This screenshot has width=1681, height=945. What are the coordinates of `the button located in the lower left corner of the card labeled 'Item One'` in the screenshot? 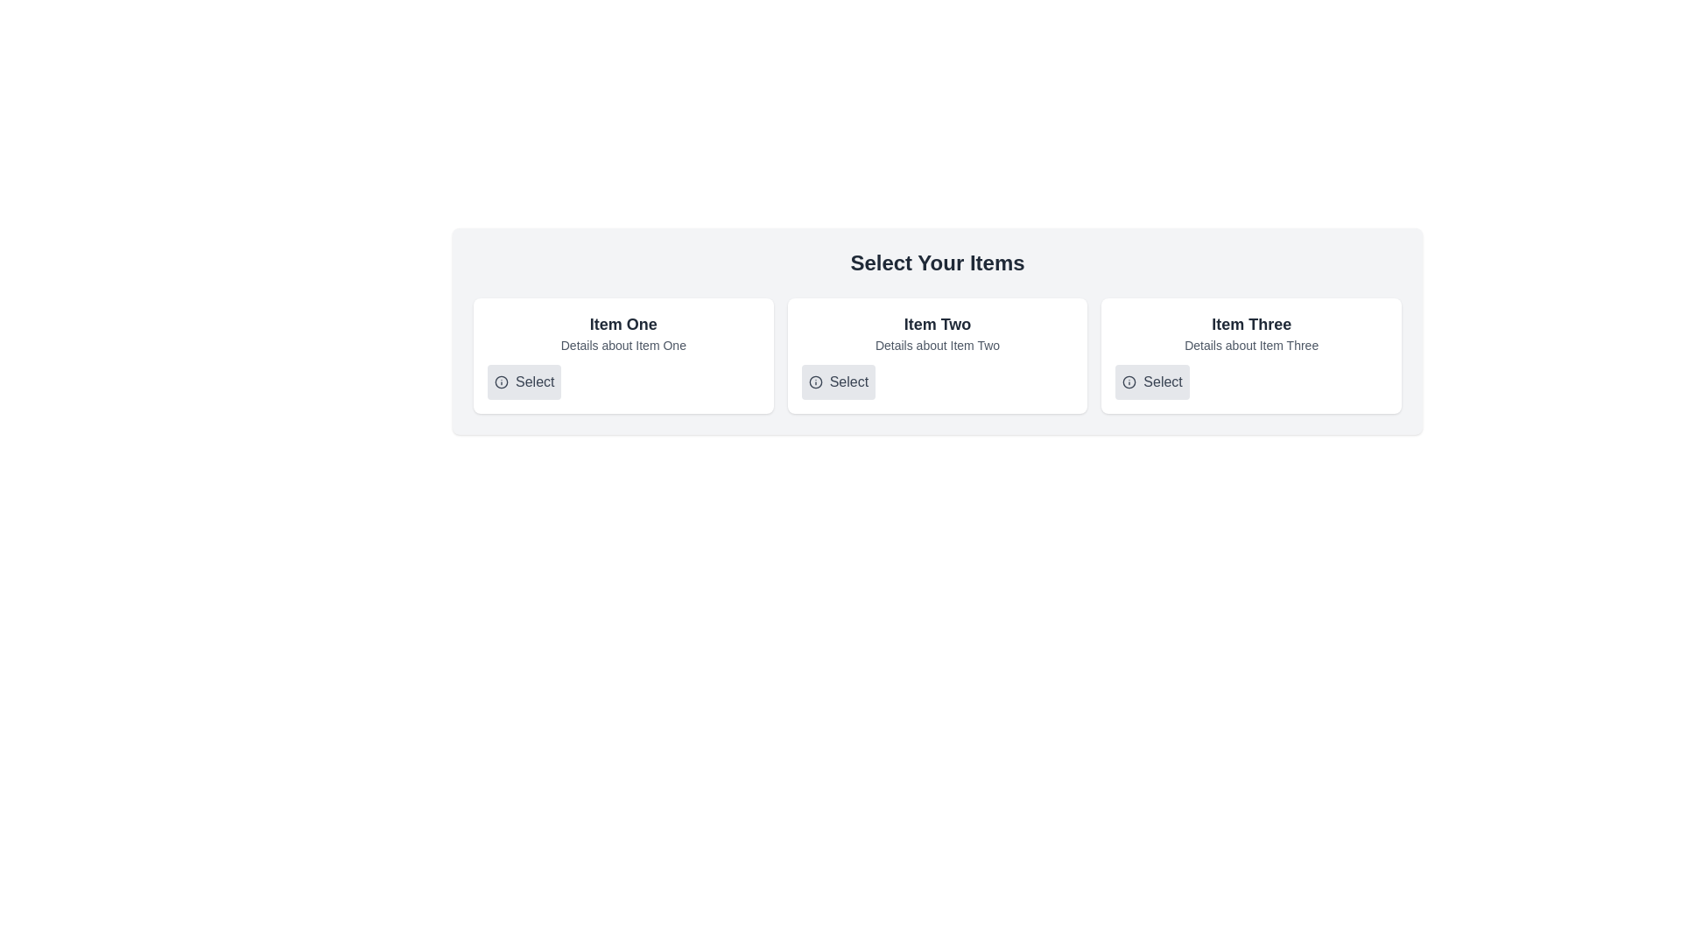 It's located at (524, 381).